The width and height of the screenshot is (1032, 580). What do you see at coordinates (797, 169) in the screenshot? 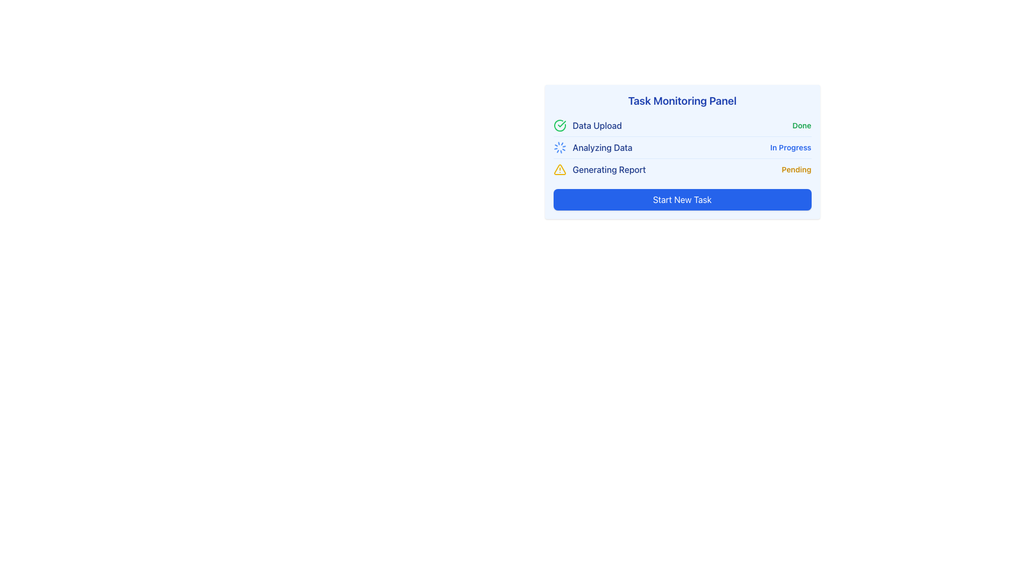
I see `the text label displaying 'Pending' in yellow-orange color, which indicates the status of the task 'Generating Report' in the Task Monitoring Panel` at bounding box center [797, 169].